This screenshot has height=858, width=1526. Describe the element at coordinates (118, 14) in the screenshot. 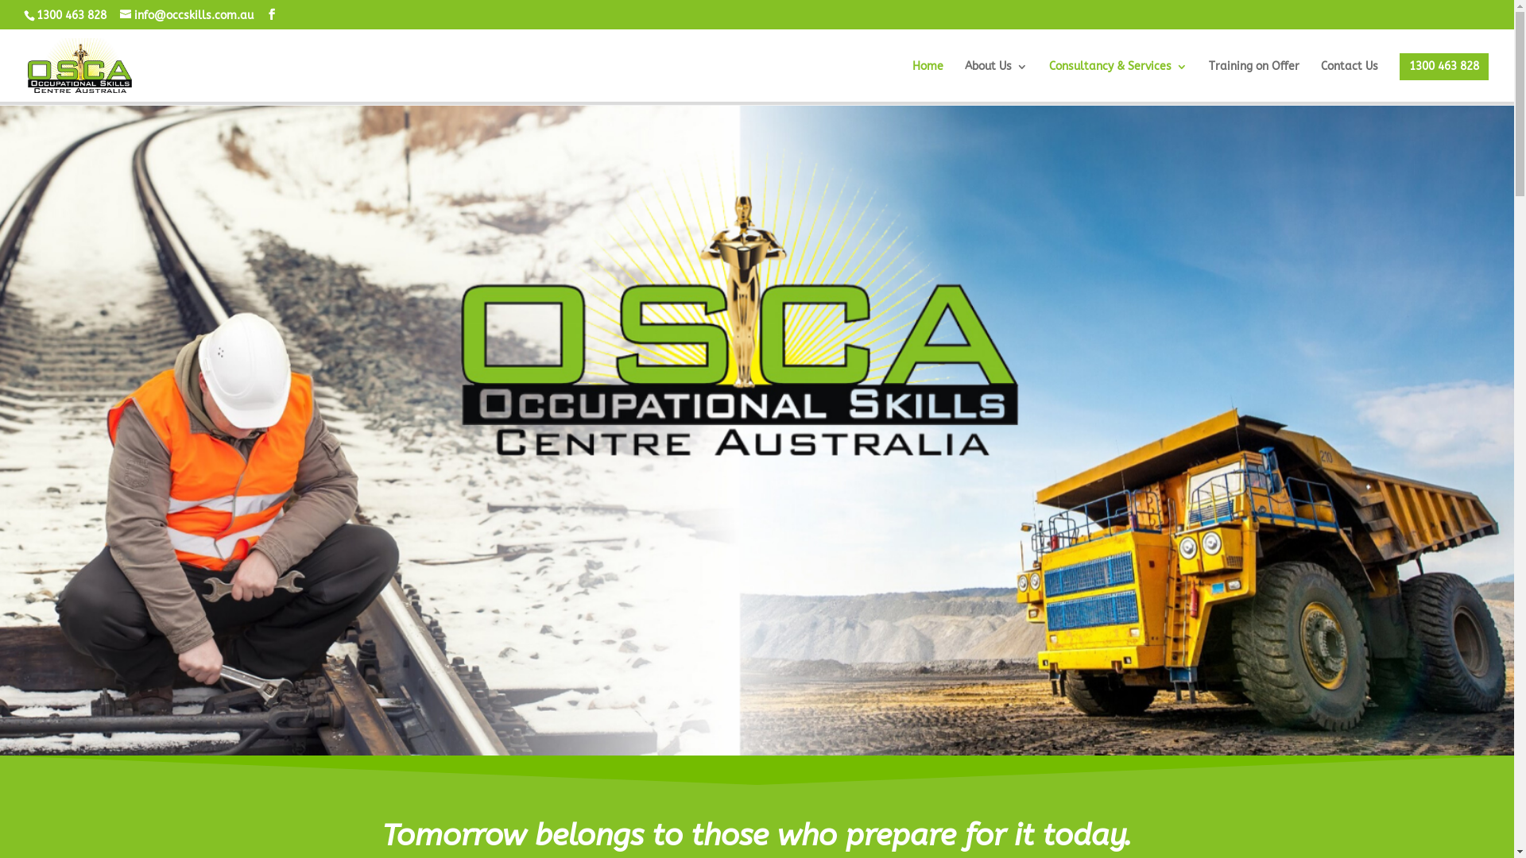

I see `'info@occskills.com.au'` at that location.